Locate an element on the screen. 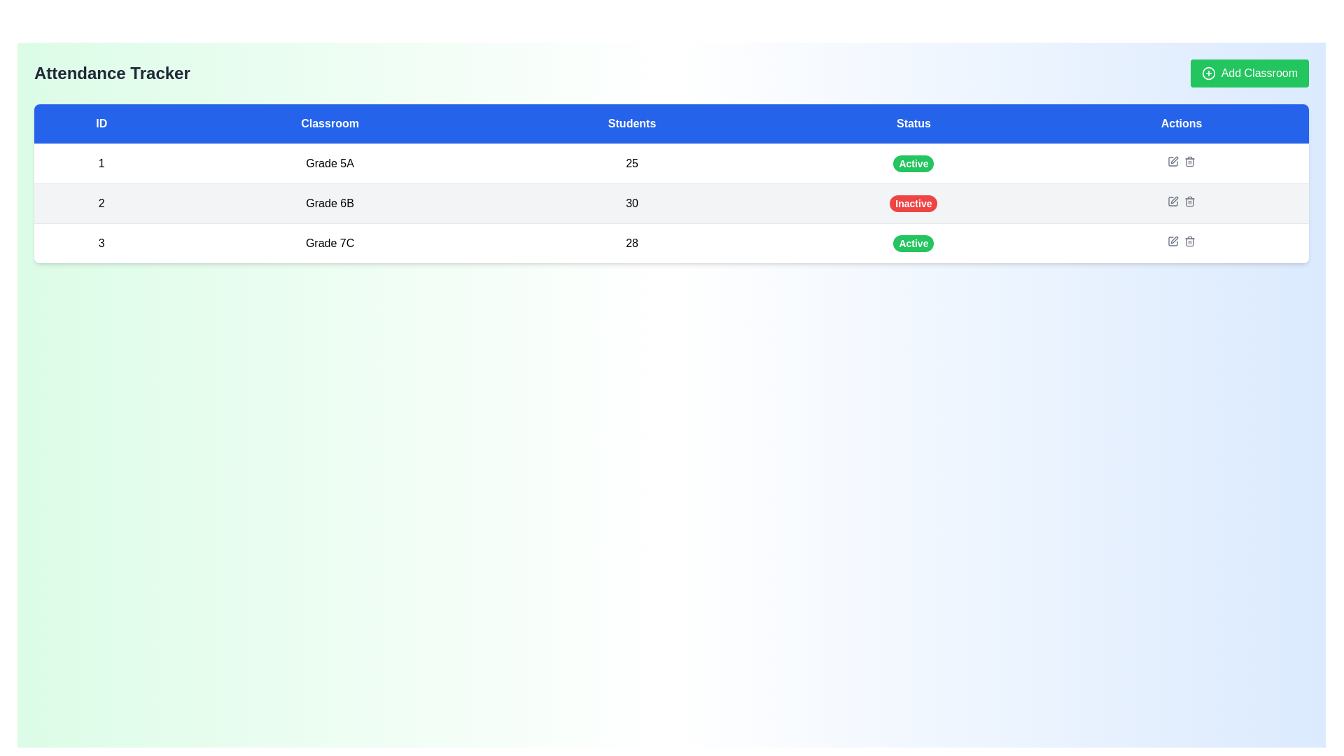 The width and height of the screenshot is (1344, 756). the non-interactive text label indicating 'Grade 5A' located in the second column of the first row of the grid-like table structure is located at coordinates (329, 163).